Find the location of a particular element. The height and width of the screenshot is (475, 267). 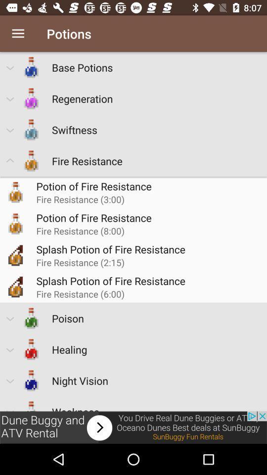

go through advertisement is located at coordinates (133, 427).